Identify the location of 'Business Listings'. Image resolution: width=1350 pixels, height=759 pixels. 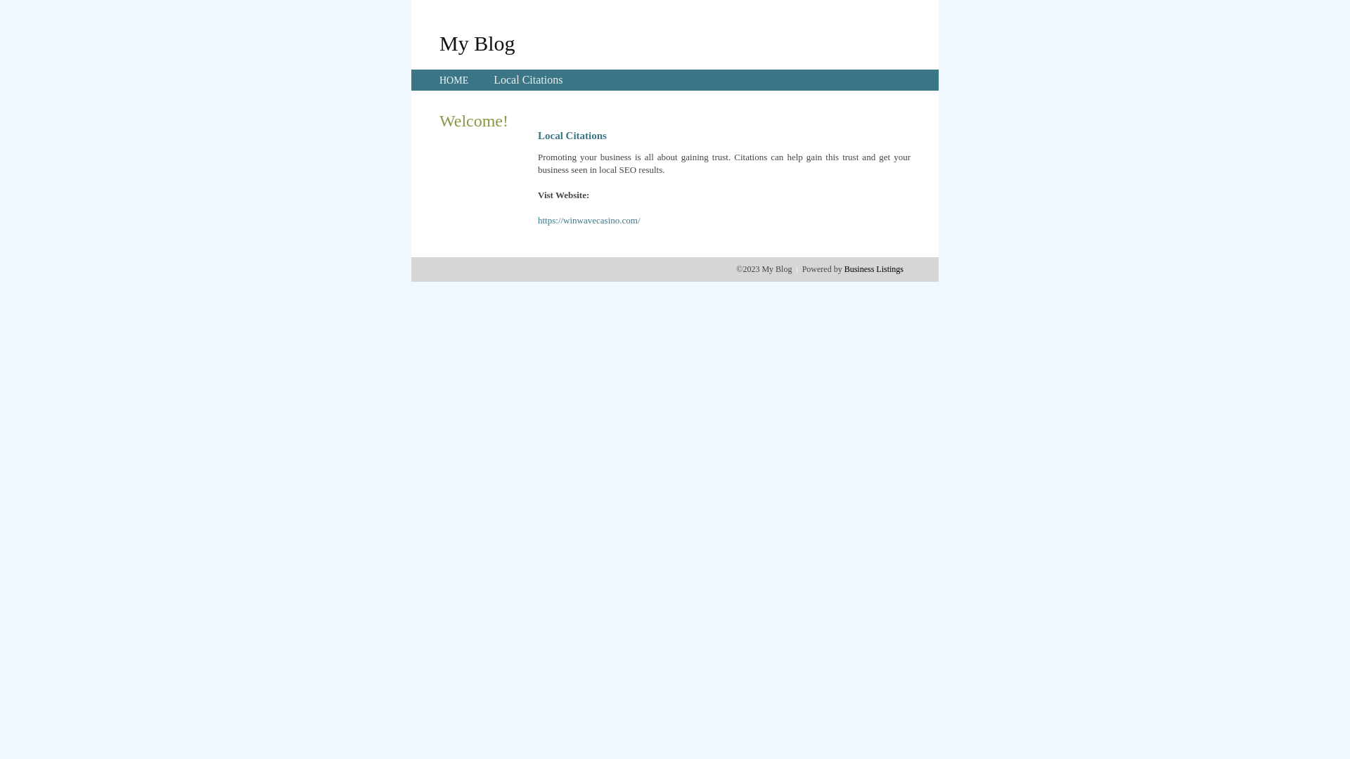
(873, 268).